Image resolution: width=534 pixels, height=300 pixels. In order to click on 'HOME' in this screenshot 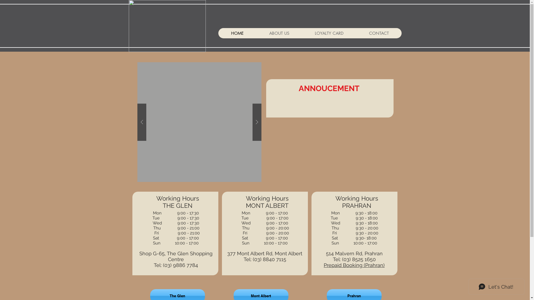, I will do `click(237, 33)`.